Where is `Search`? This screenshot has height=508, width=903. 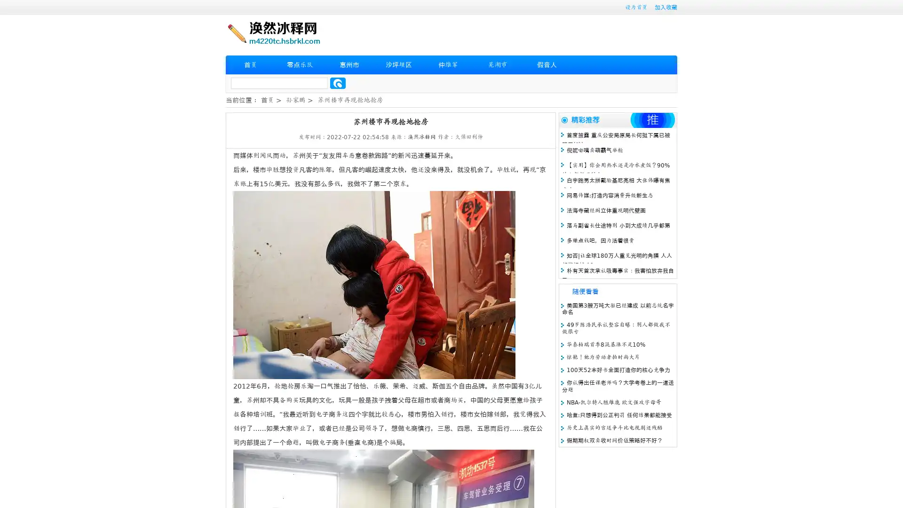 Search is located at coordinates (338, 83).